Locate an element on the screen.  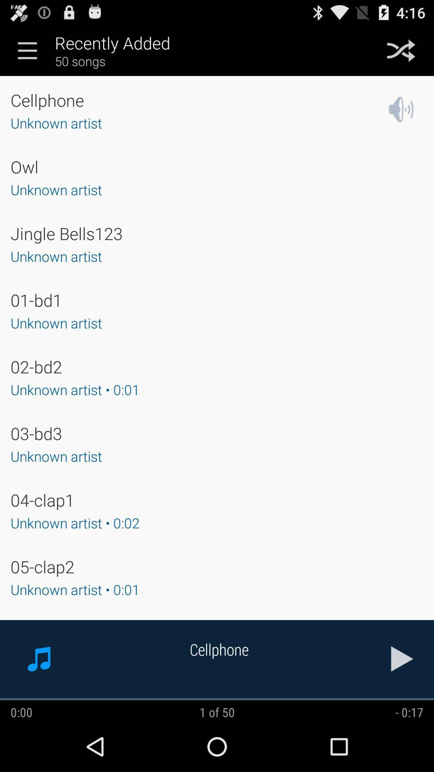
icon next to recently added is located at coordinates (401, 50).